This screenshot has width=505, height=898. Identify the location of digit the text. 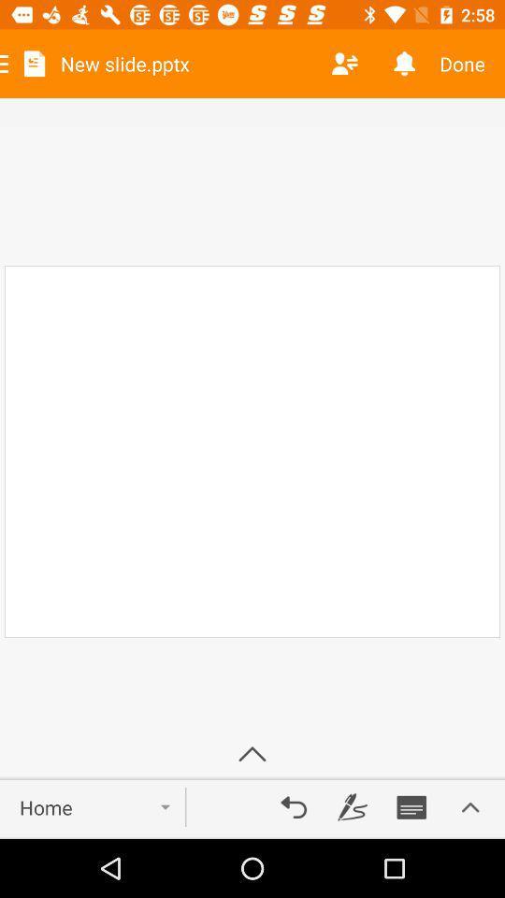
(353, 806).